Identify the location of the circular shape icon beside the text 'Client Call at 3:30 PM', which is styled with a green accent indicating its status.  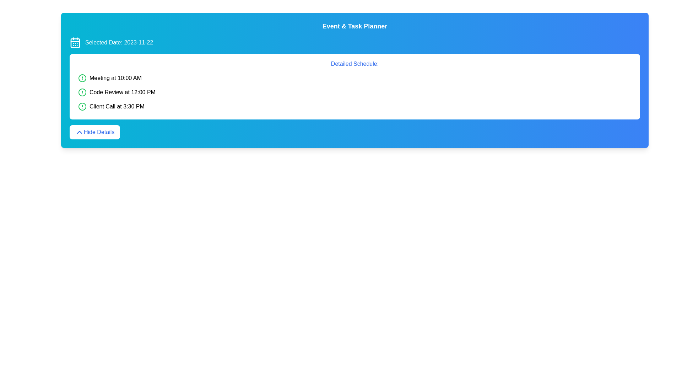
(82, 107).